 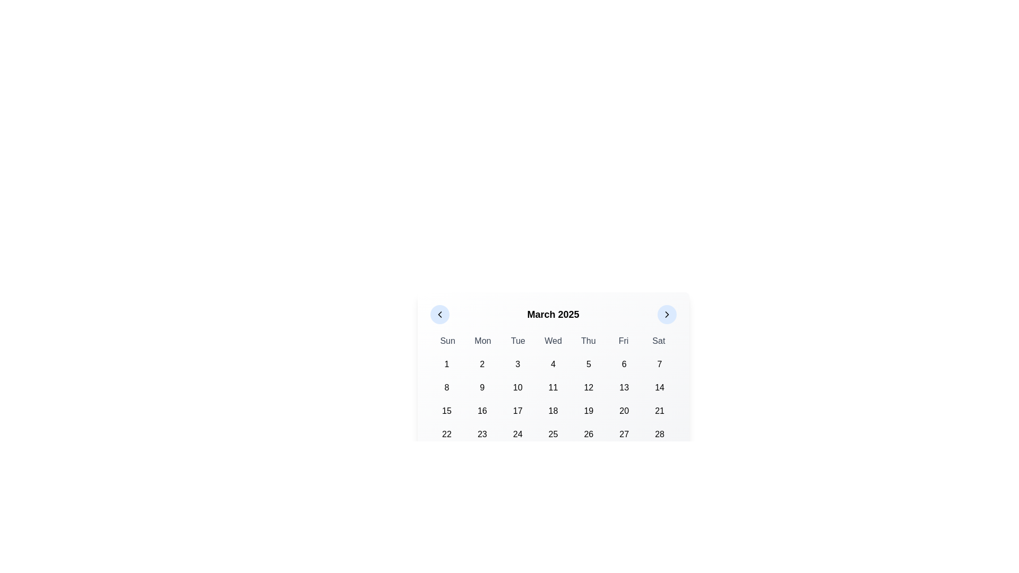 What do you see at coordinates (447, 341) in the screenshot?
I see `the static text label indicating the days of the week, located at the far-left of the calendar grid` at bounding box center [447, 341].